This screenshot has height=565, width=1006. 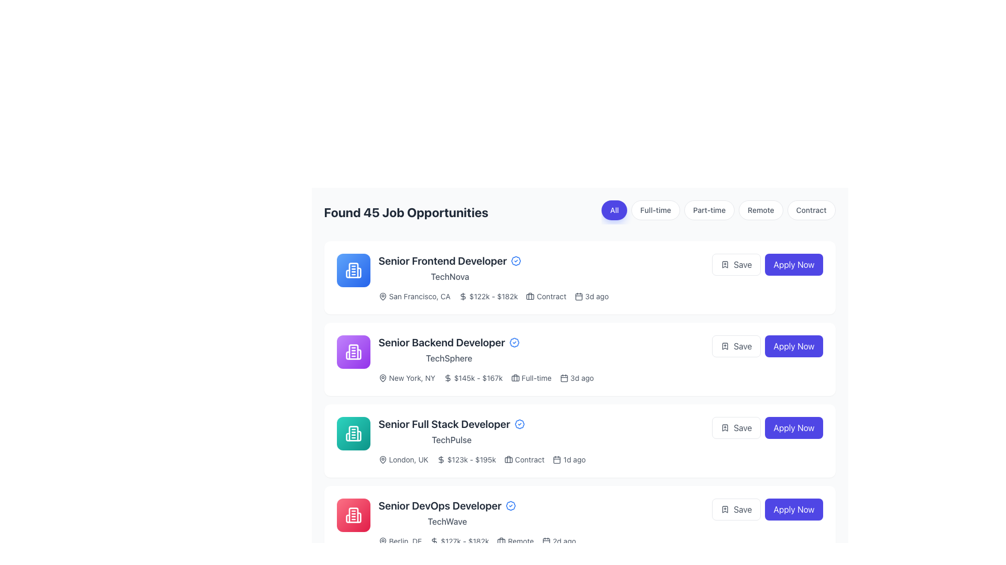 I want to click on the map pin icon located at the beginning of the row displaying 'London, UK', so click(x=382, y=459).